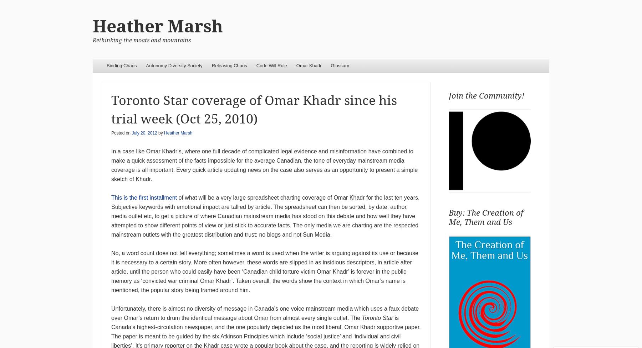  Describe the element at coordinates (485, 95) in the screenshot. I see `'Join the Community!'` at that location.